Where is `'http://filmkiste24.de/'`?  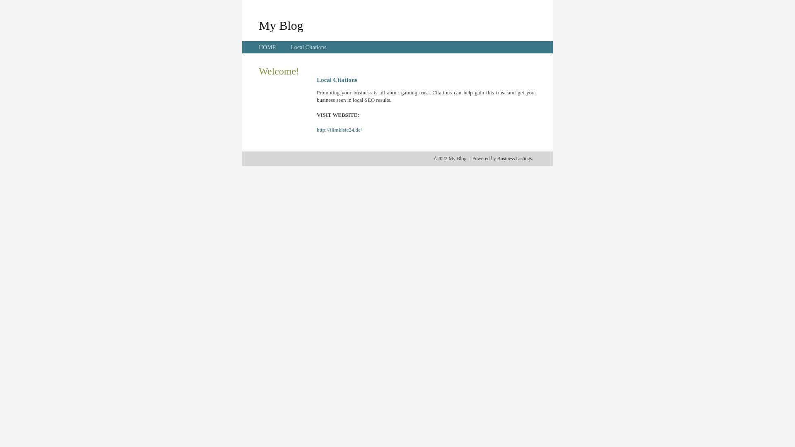
'http://filmkiste24.de/' is located at coordinates (339, 130).